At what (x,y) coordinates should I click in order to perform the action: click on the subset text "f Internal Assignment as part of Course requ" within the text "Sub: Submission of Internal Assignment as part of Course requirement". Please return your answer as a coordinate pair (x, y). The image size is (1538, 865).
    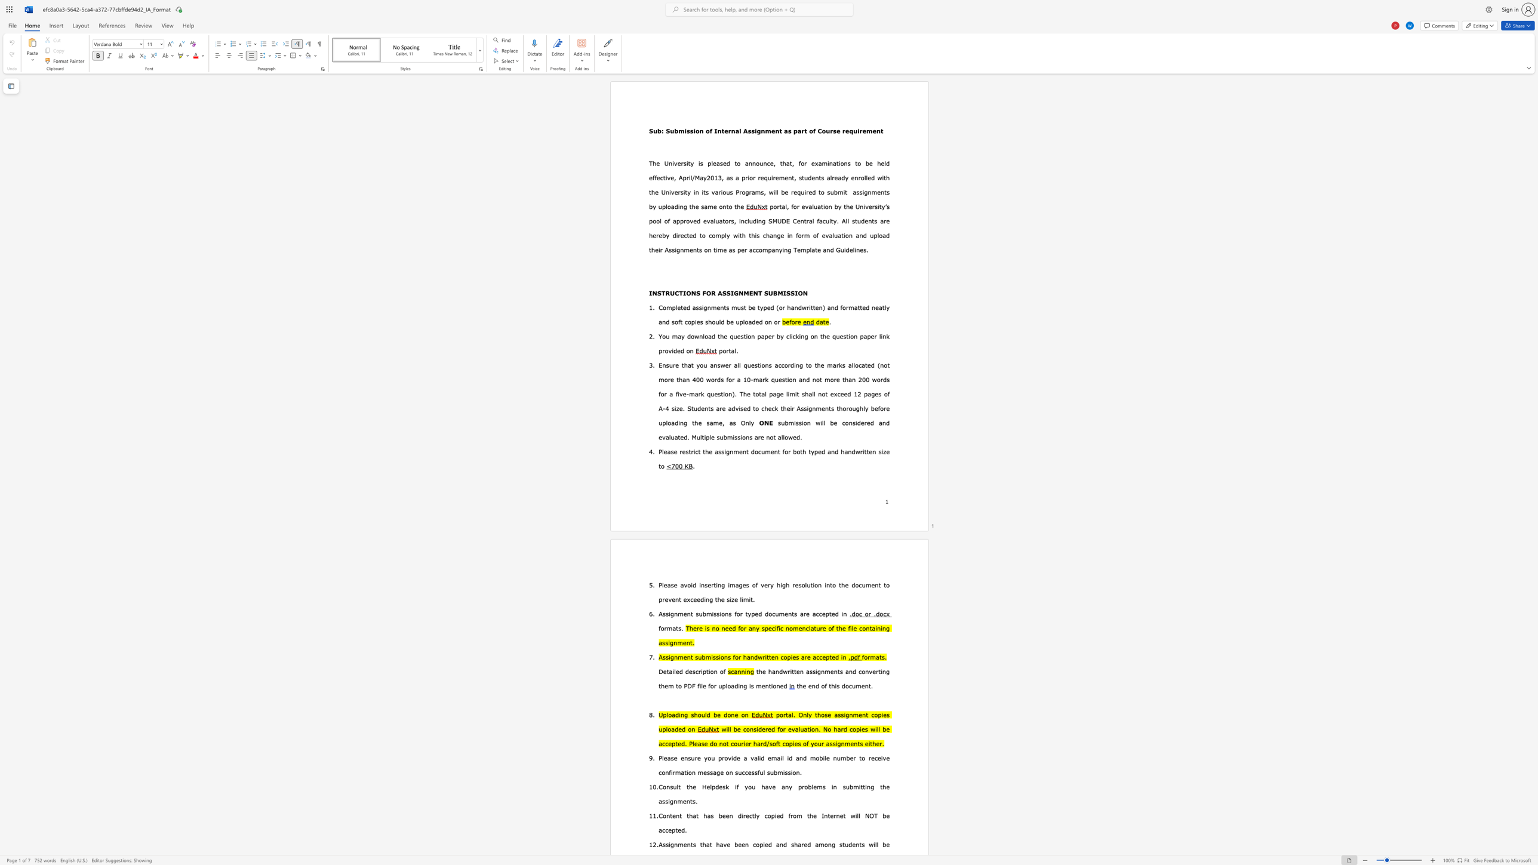
    Looking at the image, I should click on (709, 131).